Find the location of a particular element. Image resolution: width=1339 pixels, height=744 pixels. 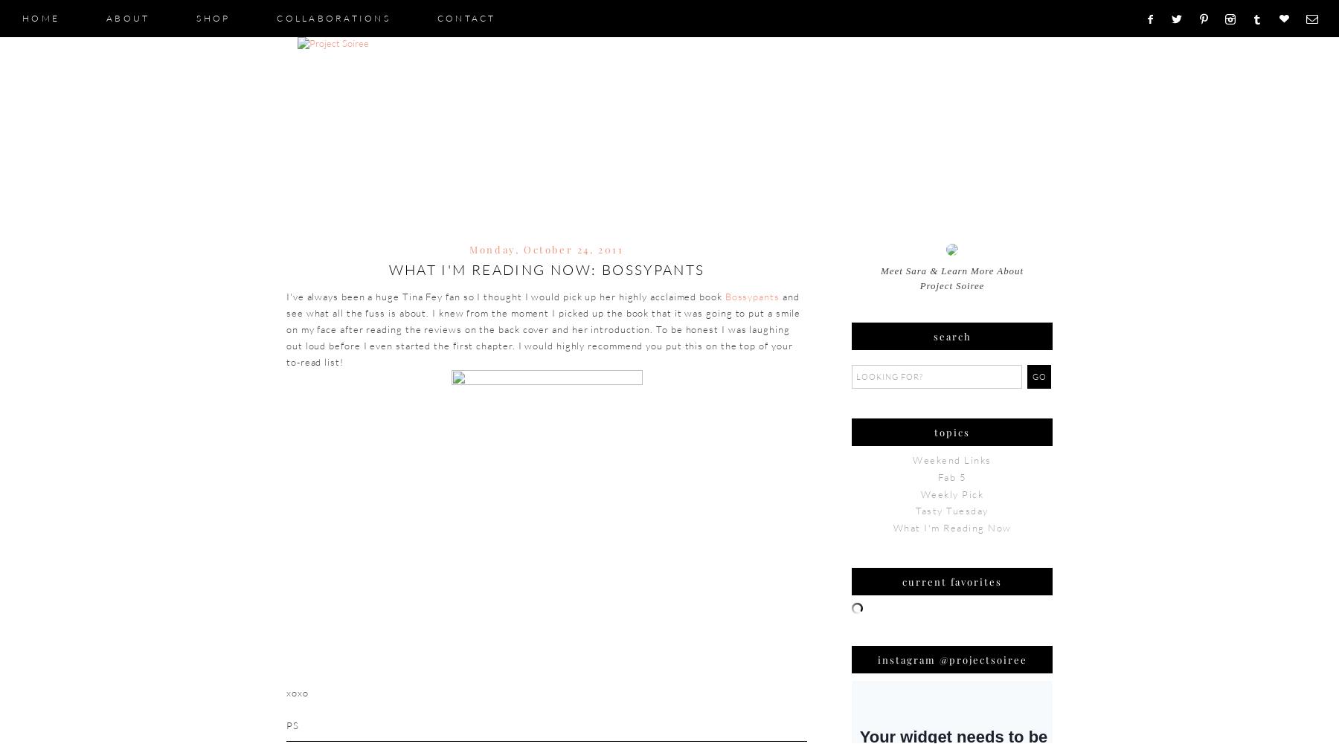

'Current Favorites' is located at coordinates (902, 580).